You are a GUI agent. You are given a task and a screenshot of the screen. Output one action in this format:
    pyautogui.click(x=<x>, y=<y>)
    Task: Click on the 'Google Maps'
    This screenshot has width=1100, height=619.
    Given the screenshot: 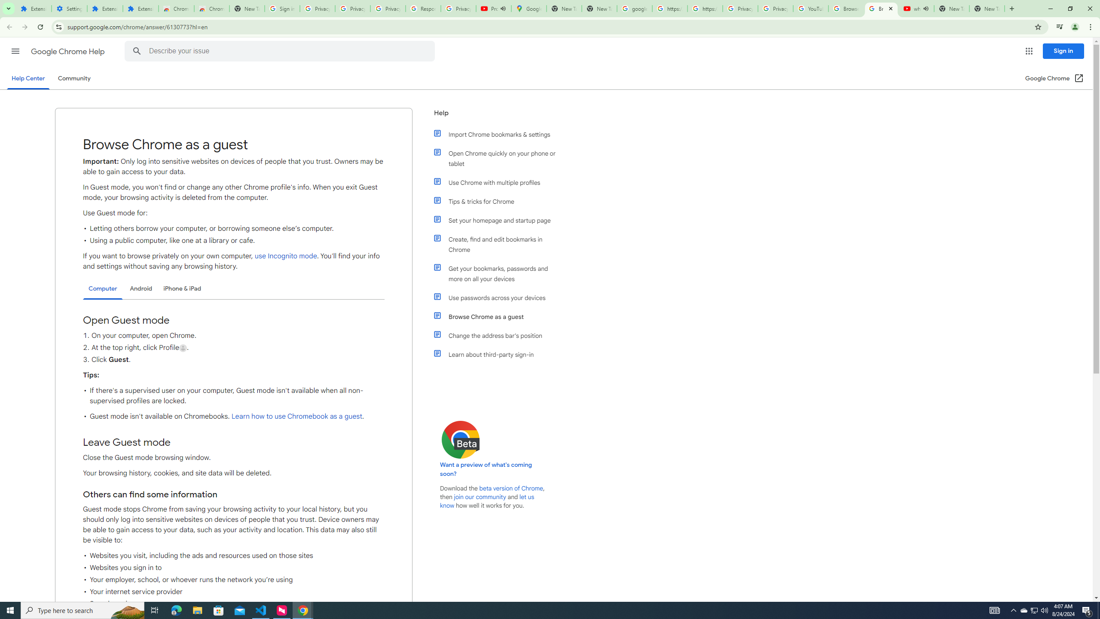 What is the action you would take?
    pyautogui.click(x=529, y=8)
    